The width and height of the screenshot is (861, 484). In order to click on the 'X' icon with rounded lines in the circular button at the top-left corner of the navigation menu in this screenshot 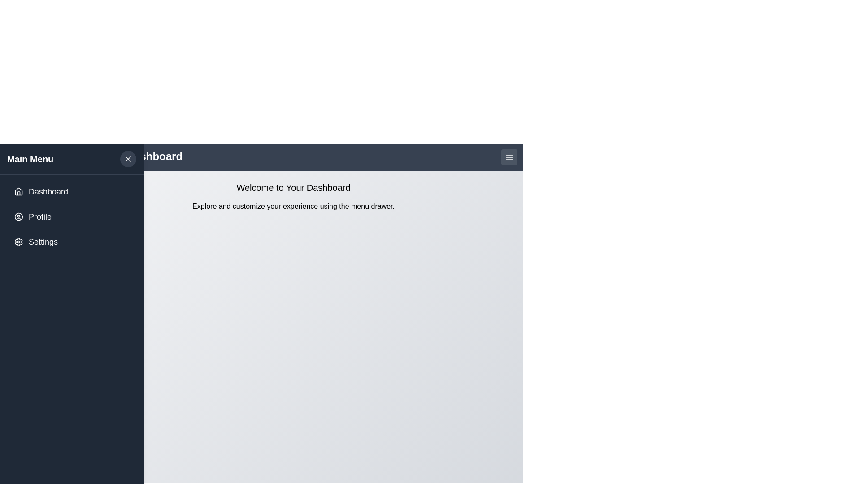, I will do `click(128, 158)`.